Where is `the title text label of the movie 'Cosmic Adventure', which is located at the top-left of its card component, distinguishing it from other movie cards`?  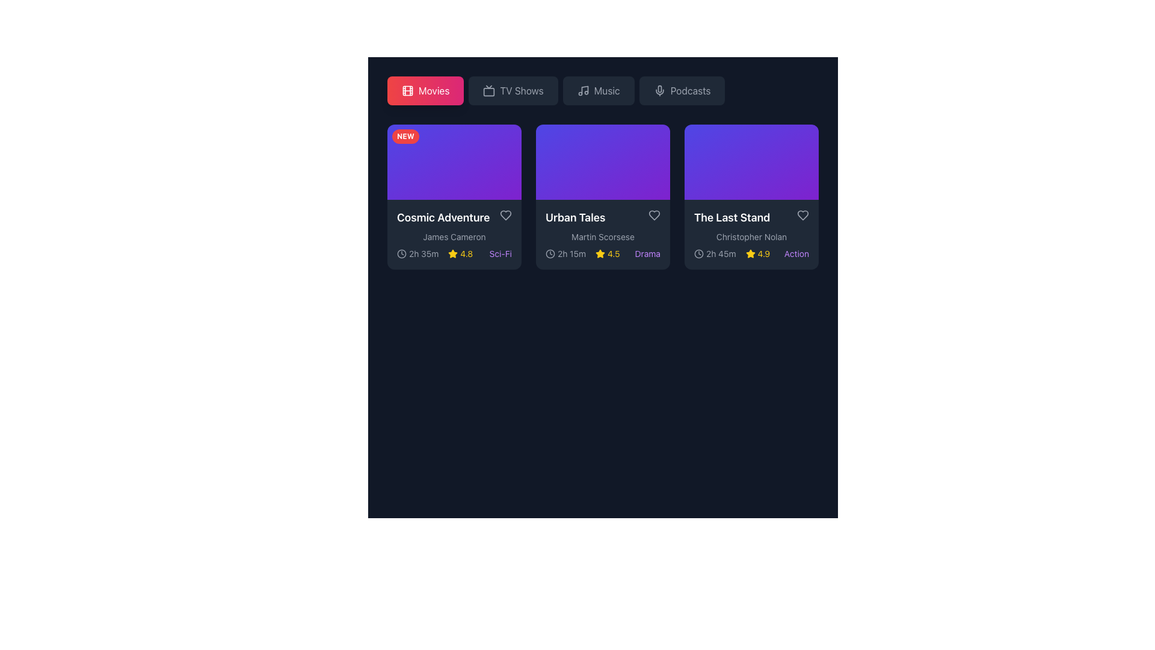
the title text label of the movie 'Cosmic Adventure', which is located at the top-left of its card component, distinguishing it from other movie cards is located at coordinates (443, 218).